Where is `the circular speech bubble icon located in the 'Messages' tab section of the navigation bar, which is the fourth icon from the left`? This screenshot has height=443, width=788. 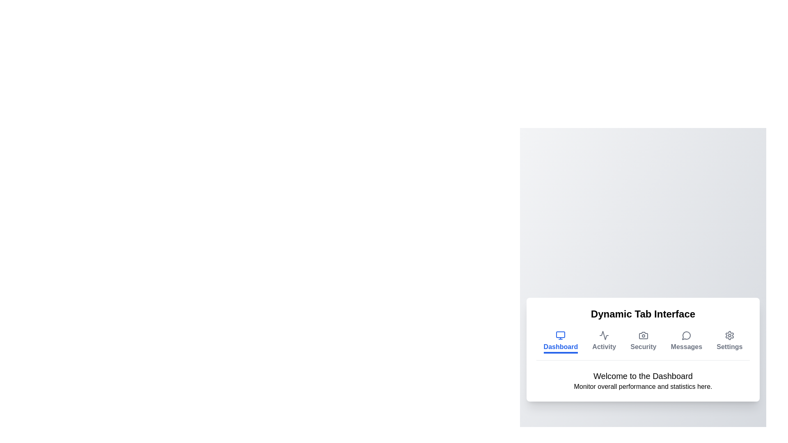
the circular speech bubble icon located in the 'Messages' tab section of the navigation bar, which is the fourth icon from the left is located at coordinates (686, 335).